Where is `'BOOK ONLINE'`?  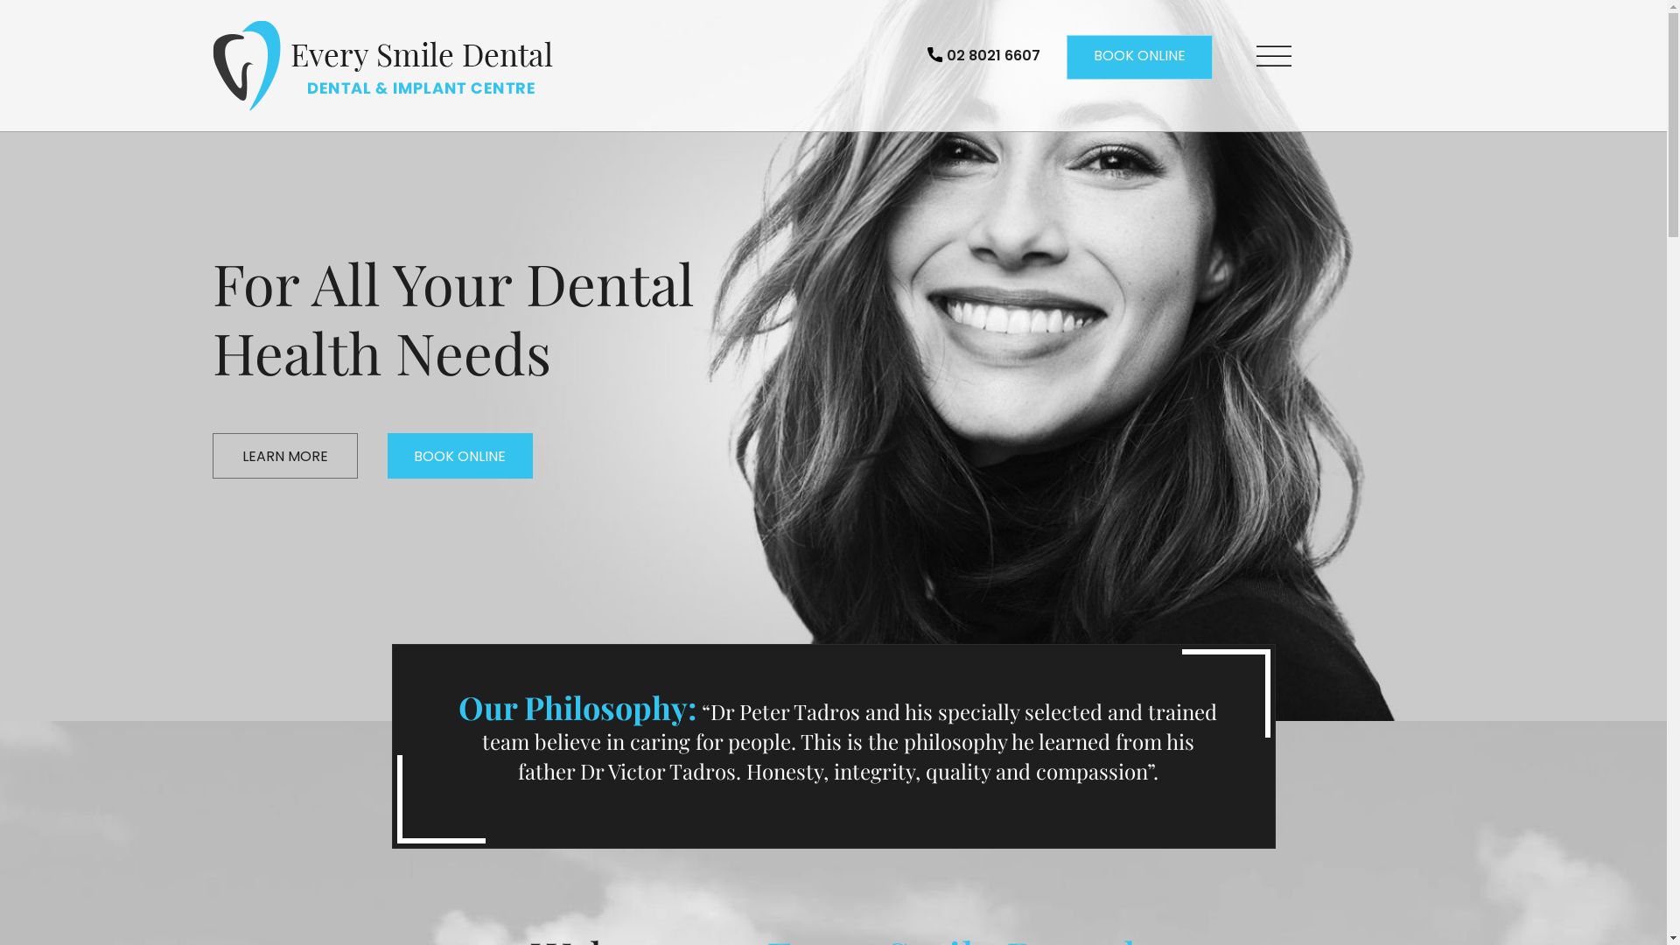
'BOOK ONLINE' is located at coordinates (1138, 56).